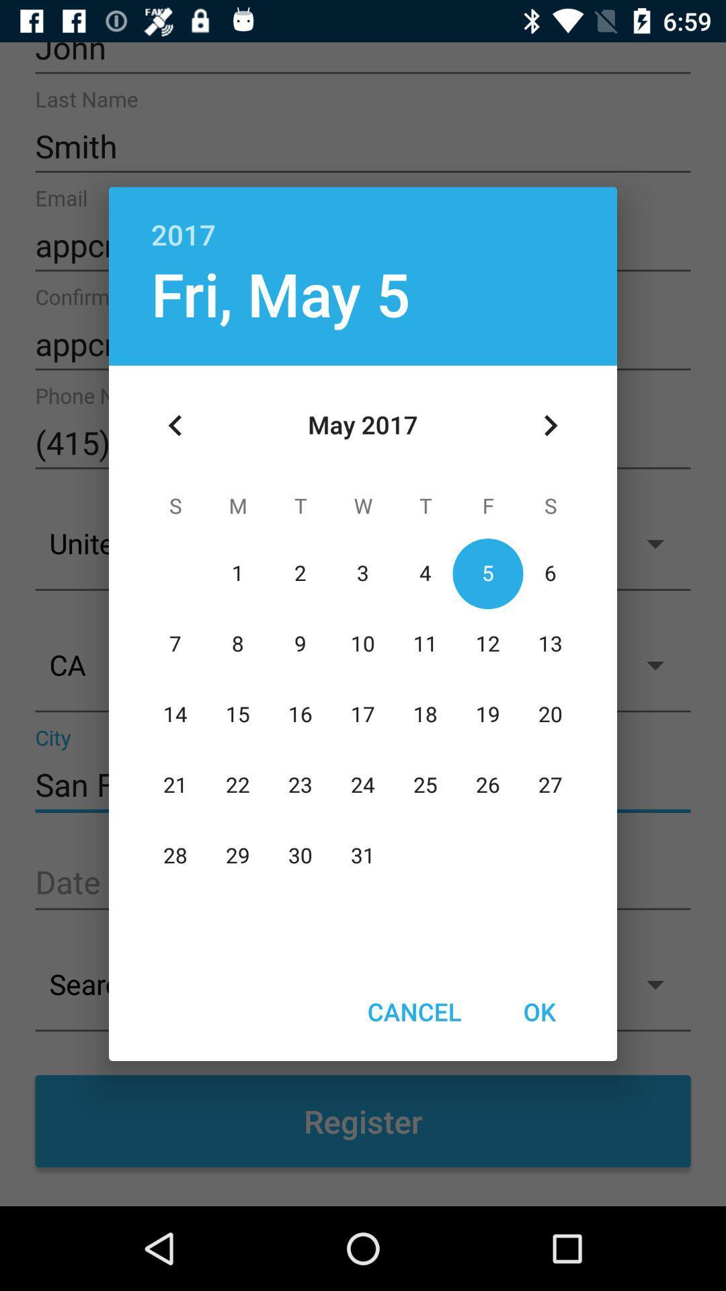 The height and width of the screenshot is (1291, 726). I want to click on the item to the right of cancel, so click(538, 1011).